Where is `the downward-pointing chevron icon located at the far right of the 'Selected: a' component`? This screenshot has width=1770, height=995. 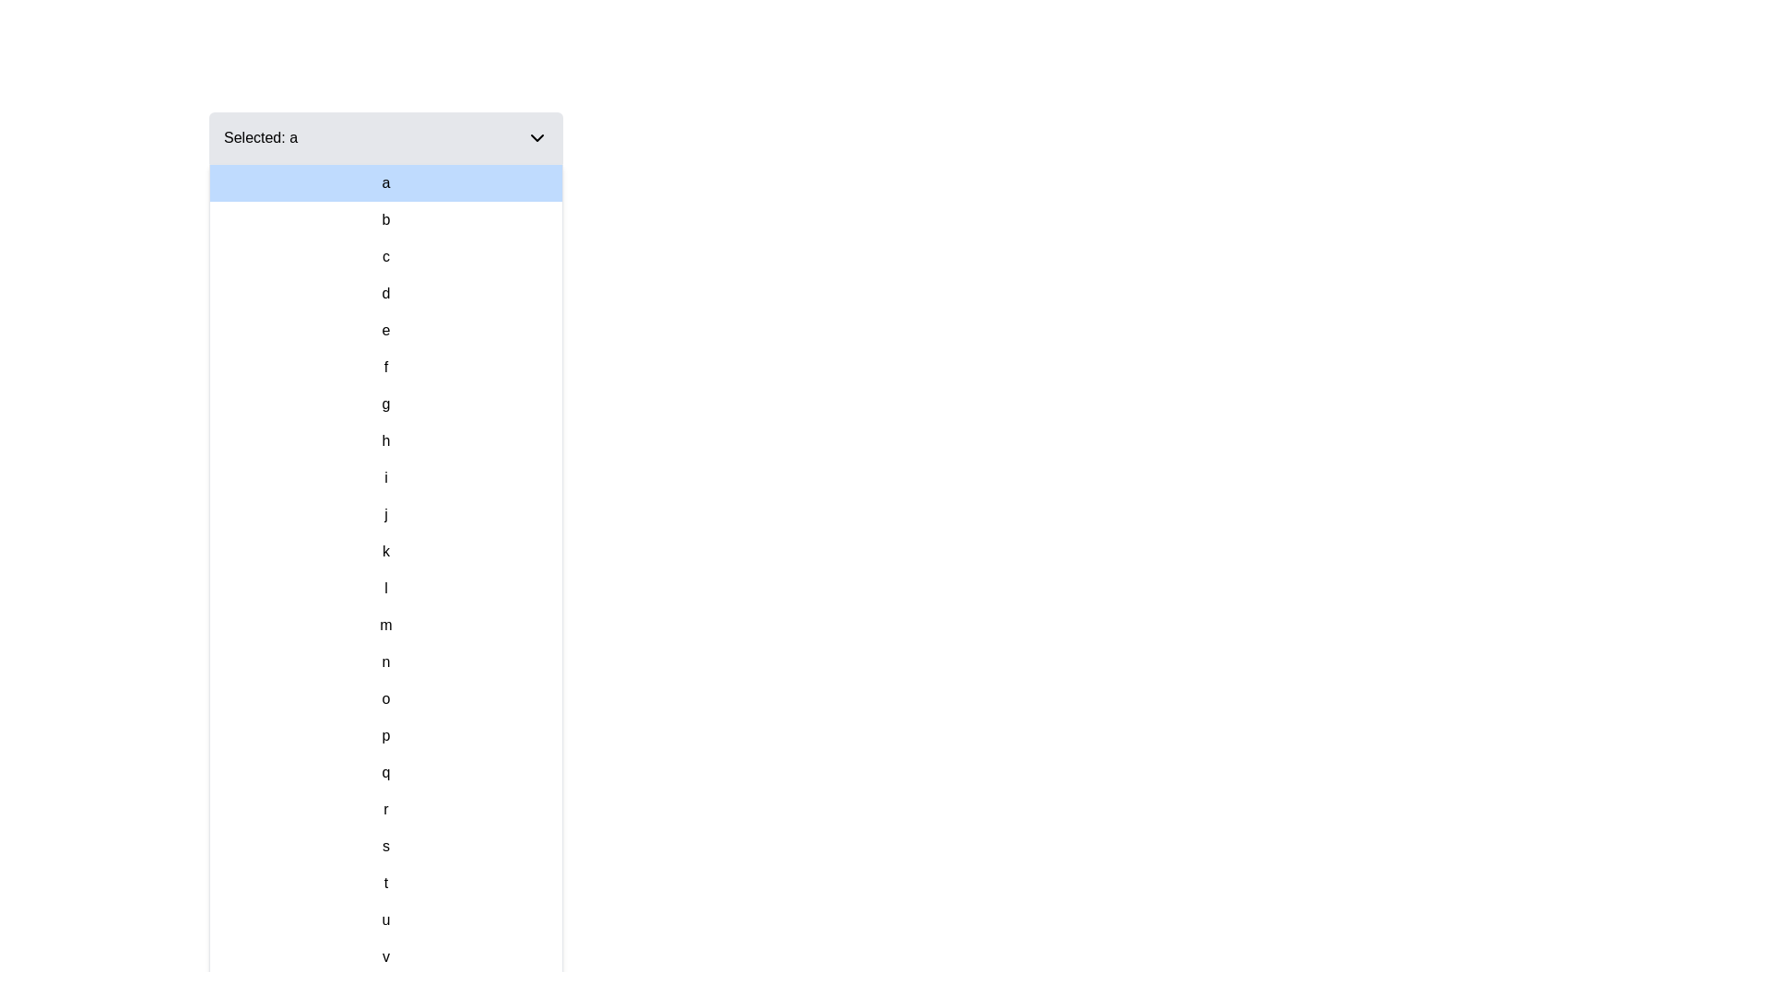
the downward-pointing chevron icon located at the far right of the 'Selected: a' component is located at coordinates (536, 137).